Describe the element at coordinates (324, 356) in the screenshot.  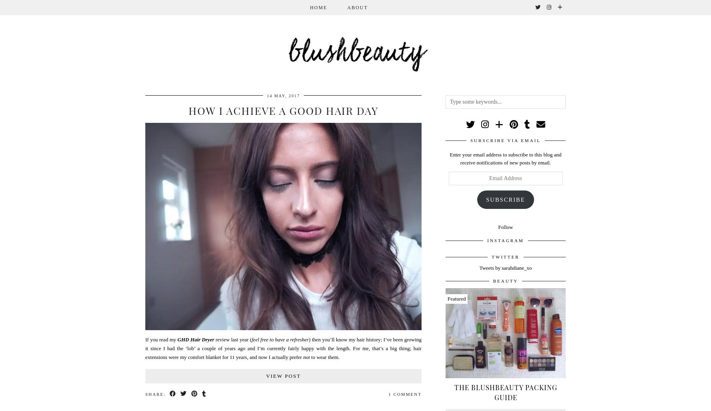
I see `'to wear them.'` at that location.